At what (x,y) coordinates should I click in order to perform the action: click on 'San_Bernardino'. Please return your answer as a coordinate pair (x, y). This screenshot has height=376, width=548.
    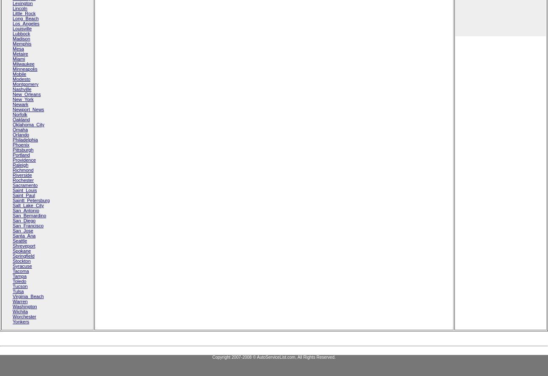
    Looking at the image, I should click on (29, 215).